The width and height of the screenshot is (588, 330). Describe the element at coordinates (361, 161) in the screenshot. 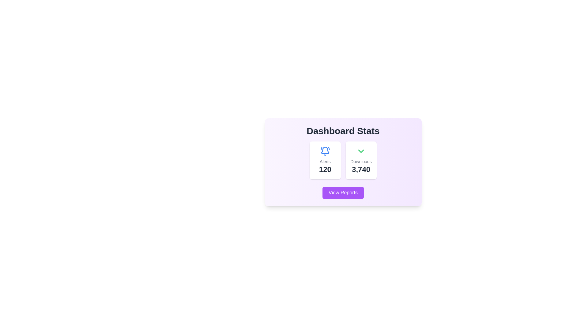

I see `text label 'Downloads' which provides context for the number '3,740'` at that location.